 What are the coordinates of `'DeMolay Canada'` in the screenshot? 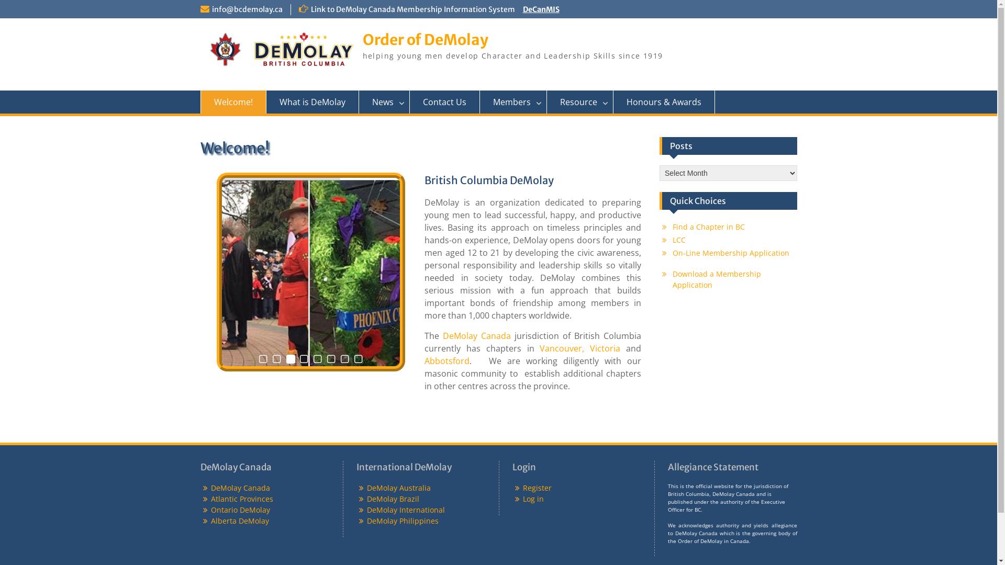 It's located at (239, 488).